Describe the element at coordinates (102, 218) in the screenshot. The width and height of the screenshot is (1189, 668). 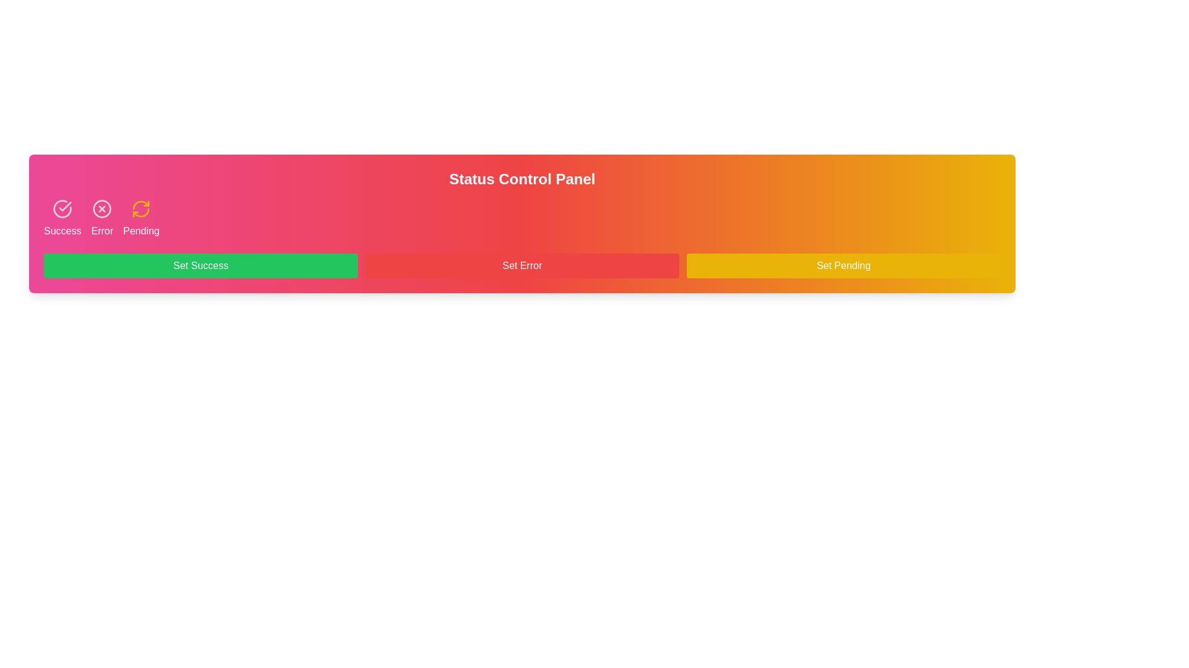
I see `the 'Error' state icon in the status control panel, which is the second option in a horizontal group of three state indicators` at that location.